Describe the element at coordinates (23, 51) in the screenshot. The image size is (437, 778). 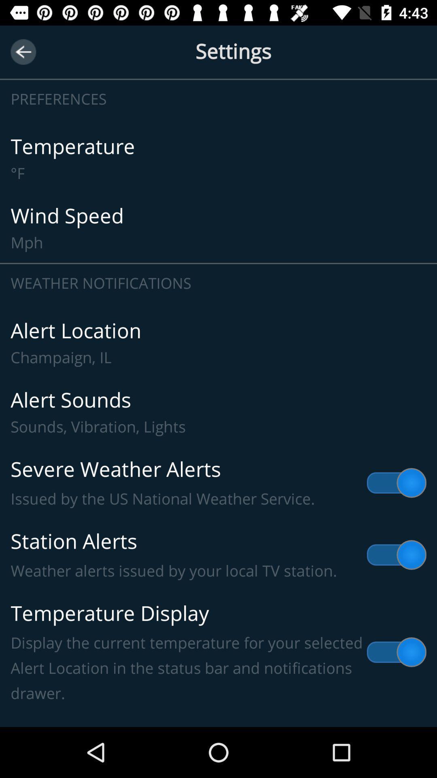
I see `symbol just before settings` at that location.